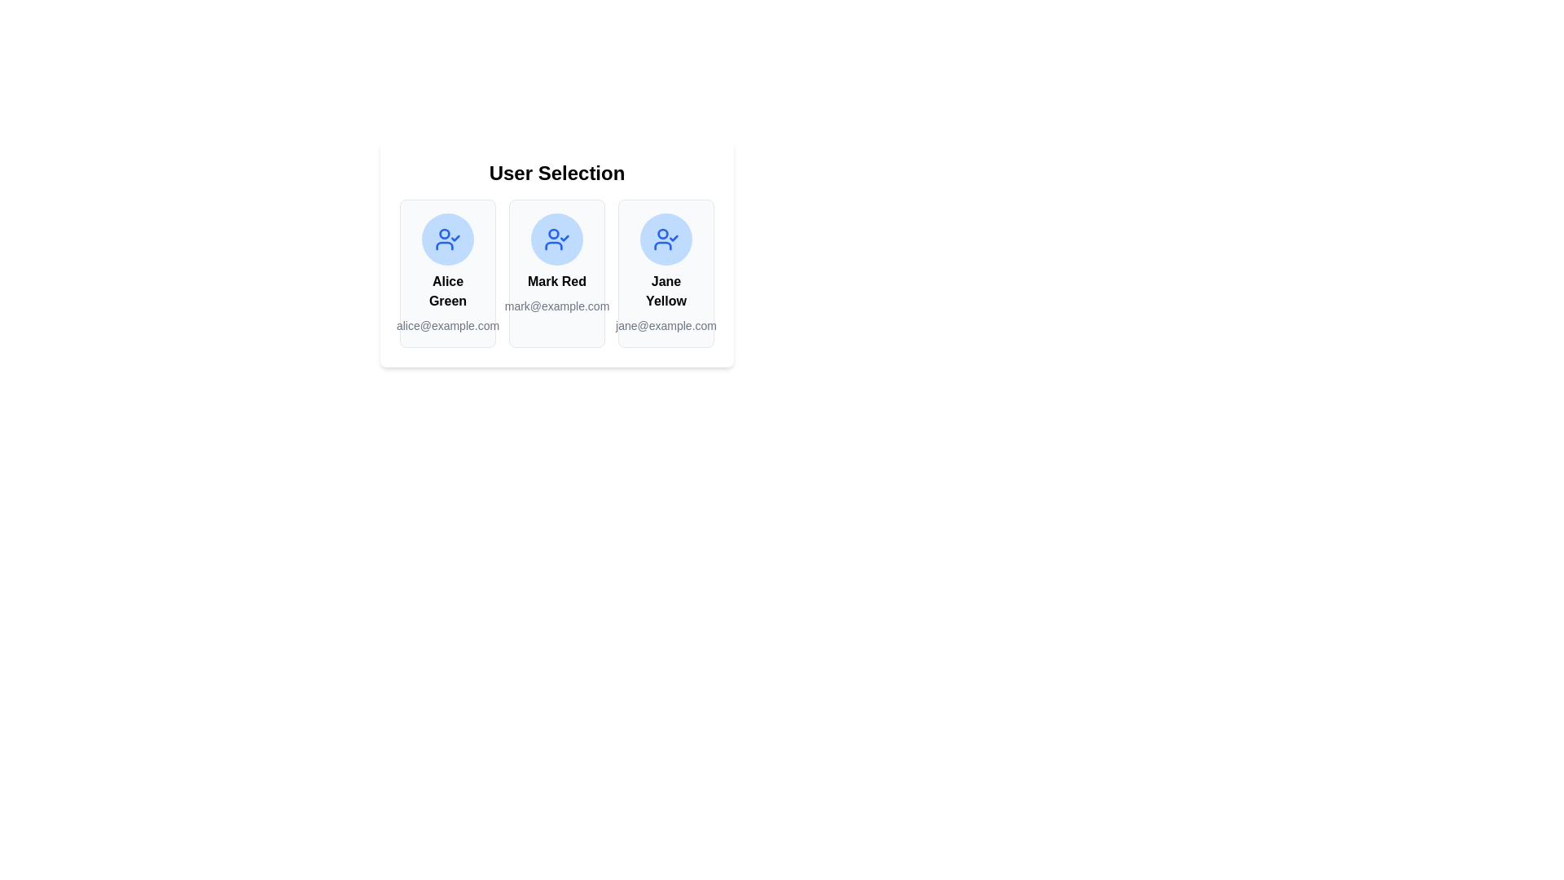 The image size is (1564, 880). I want to click on the Icon component with a circular light blue background that depicts a user with a checkmark, located above the title 'Jane Yellow' in the third user card from the left, so click(666, 239).